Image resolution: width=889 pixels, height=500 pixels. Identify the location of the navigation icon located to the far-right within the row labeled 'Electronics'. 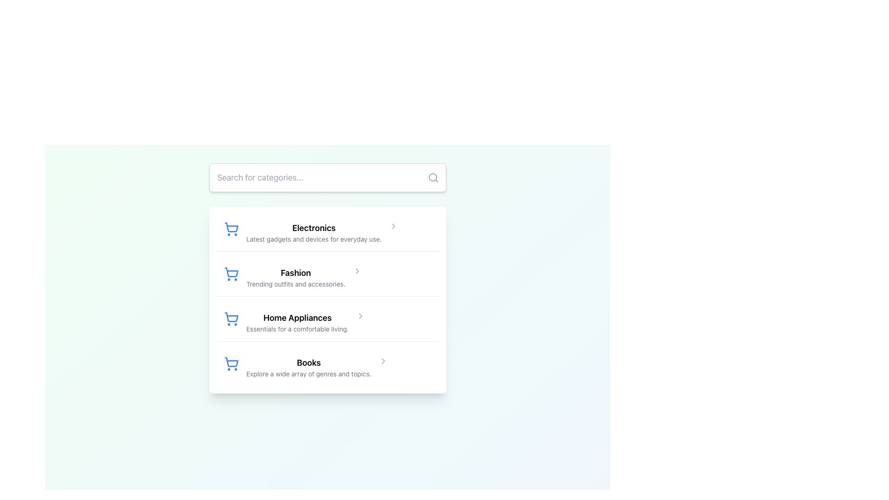
(394, 226).